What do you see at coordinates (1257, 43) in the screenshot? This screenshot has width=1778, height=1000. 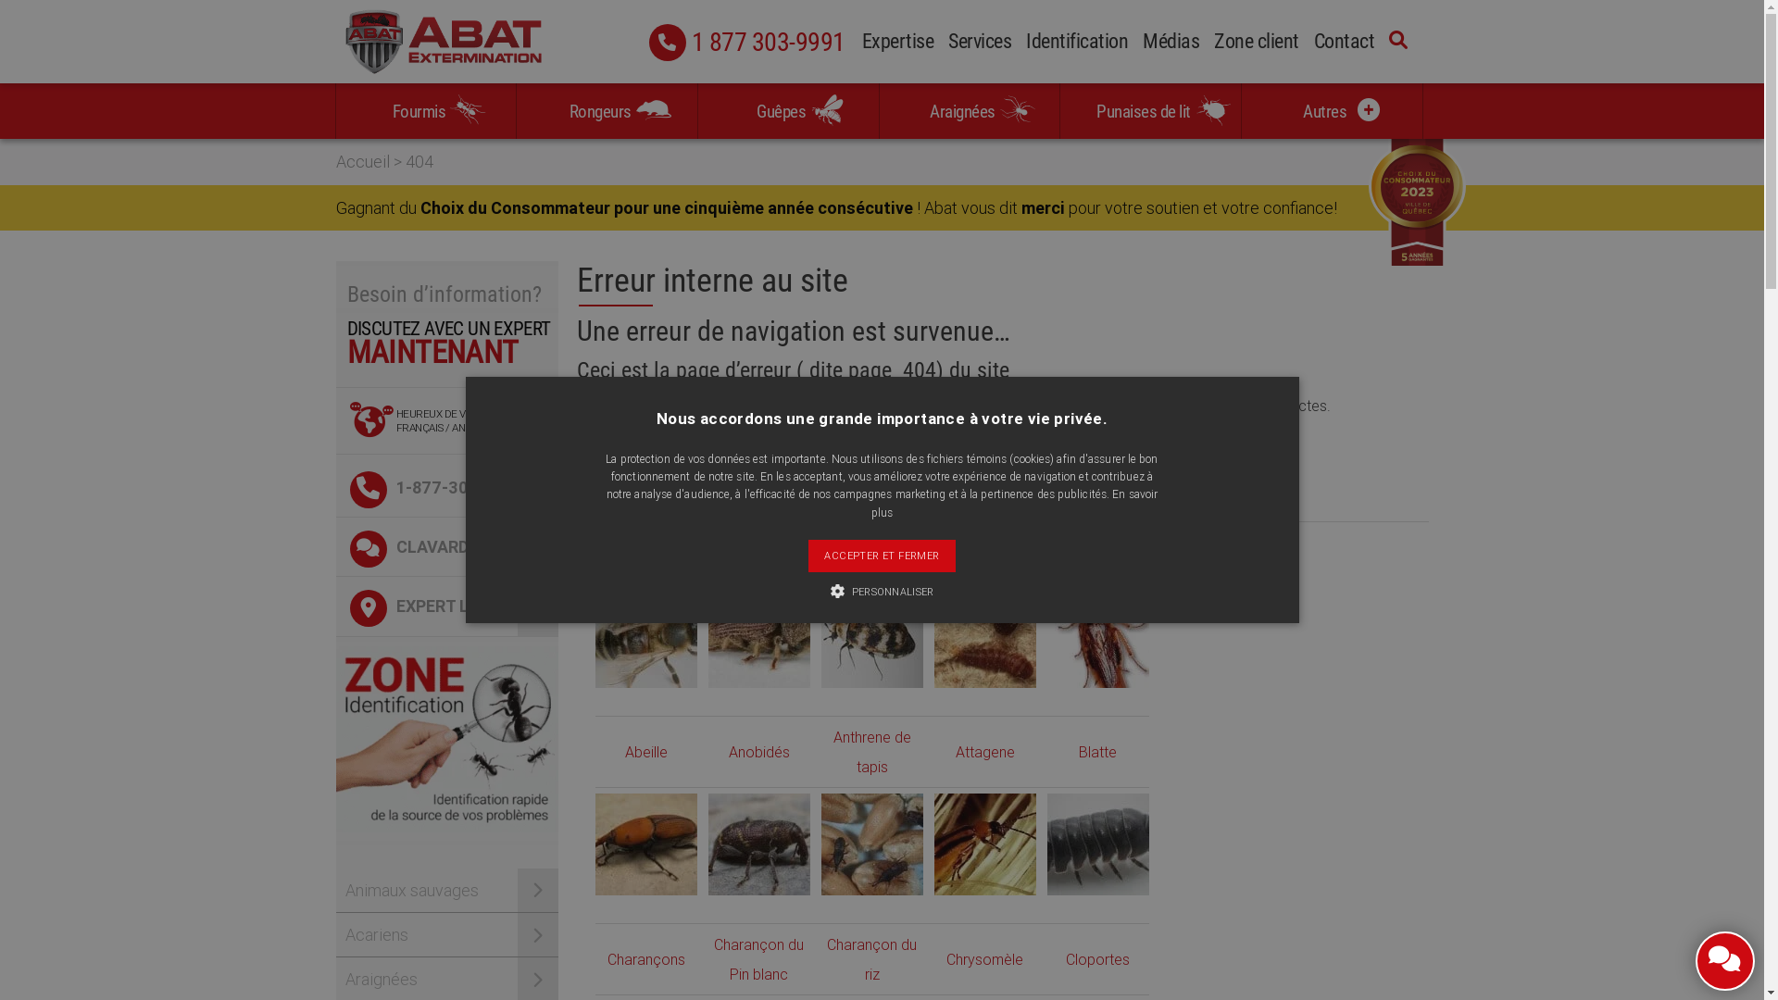 I see `'Zone client'` at bounding box center [1257, 43].